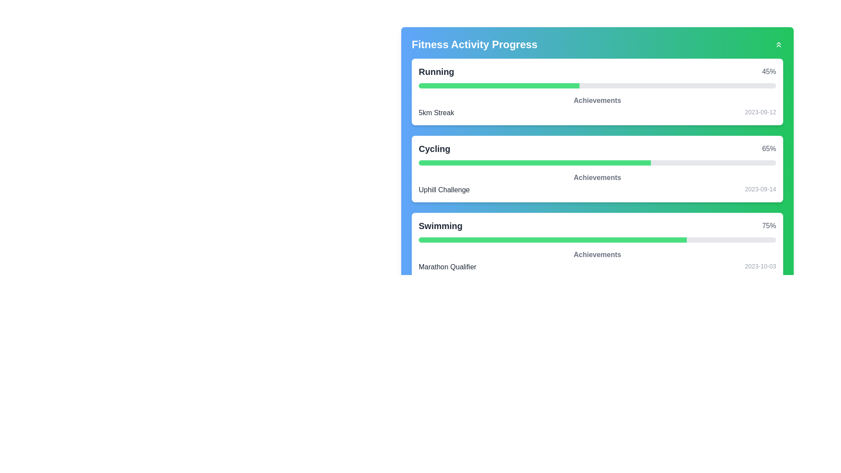 This screenshot has width=841, height=473. Describe the element at coordinates (760, 190) in the screenshot. I see `the date text label indicating the completion date of the 'Cycling' activity, located in the bottom-right area of the card under the 'Cycling' section, just below the 'Achievements' label` at that location.